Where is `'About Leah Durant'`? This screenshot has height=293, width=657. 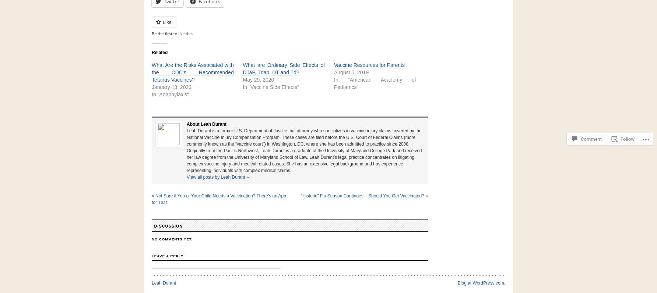
'About Leah Durant' is located at coordinates (206, 124).